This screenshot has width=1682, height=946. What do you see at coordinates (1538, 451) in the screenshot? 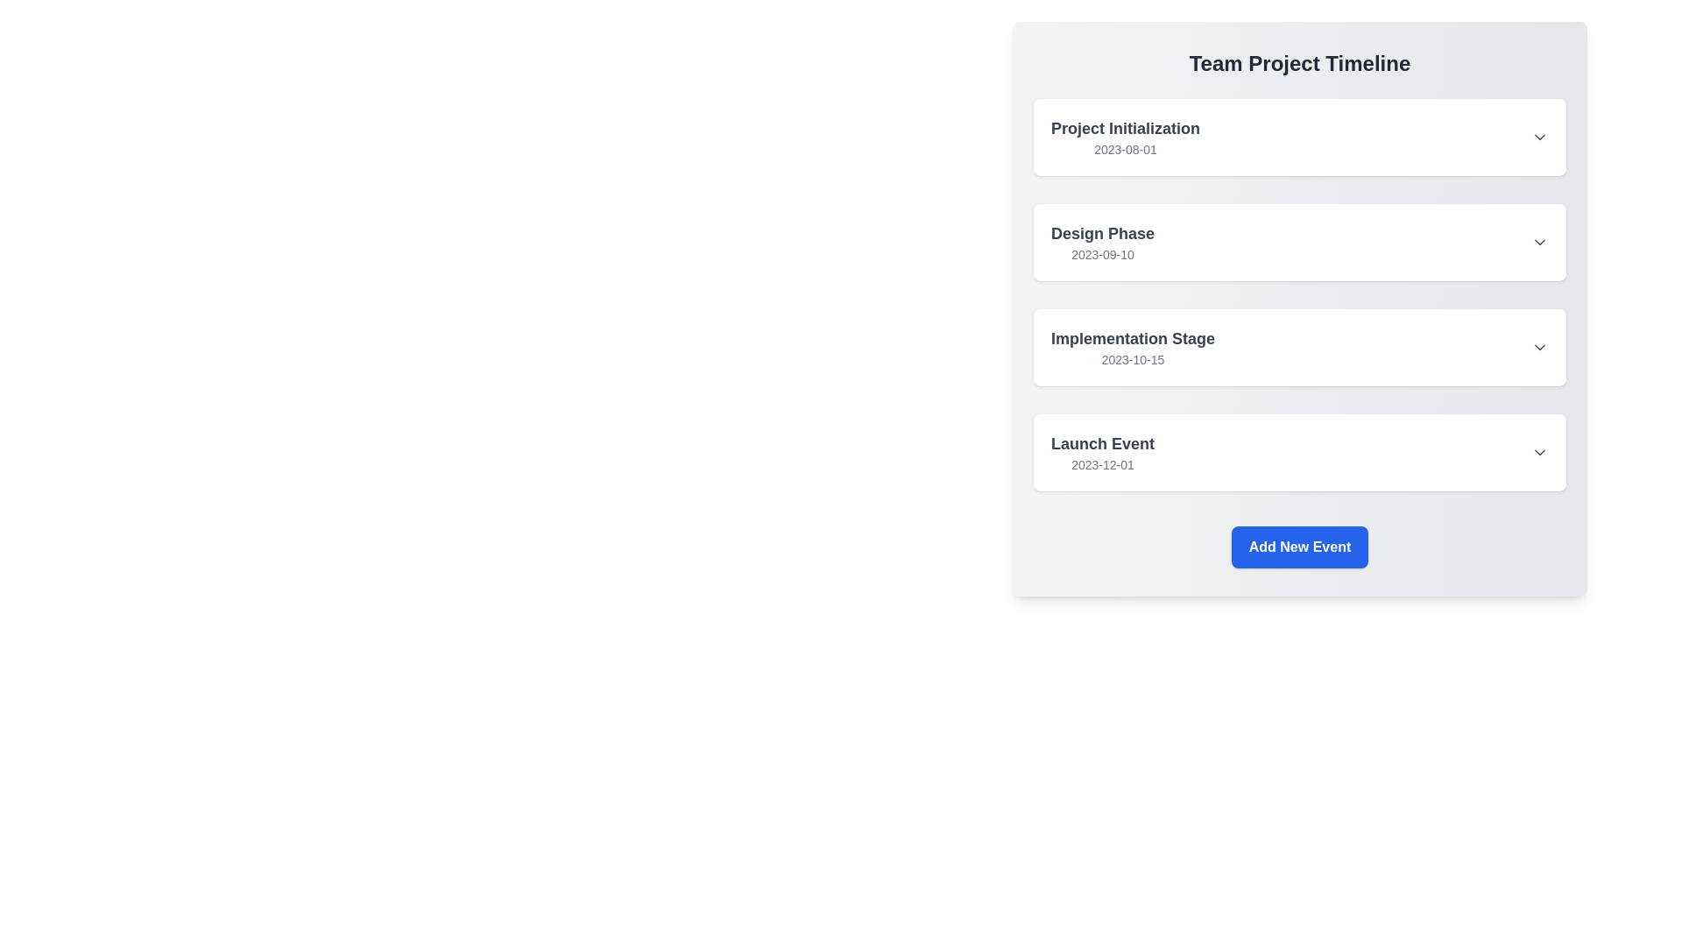
I see `the downward chevron icon in the 'Launch Event' section` at bounding box center [1538, 451].